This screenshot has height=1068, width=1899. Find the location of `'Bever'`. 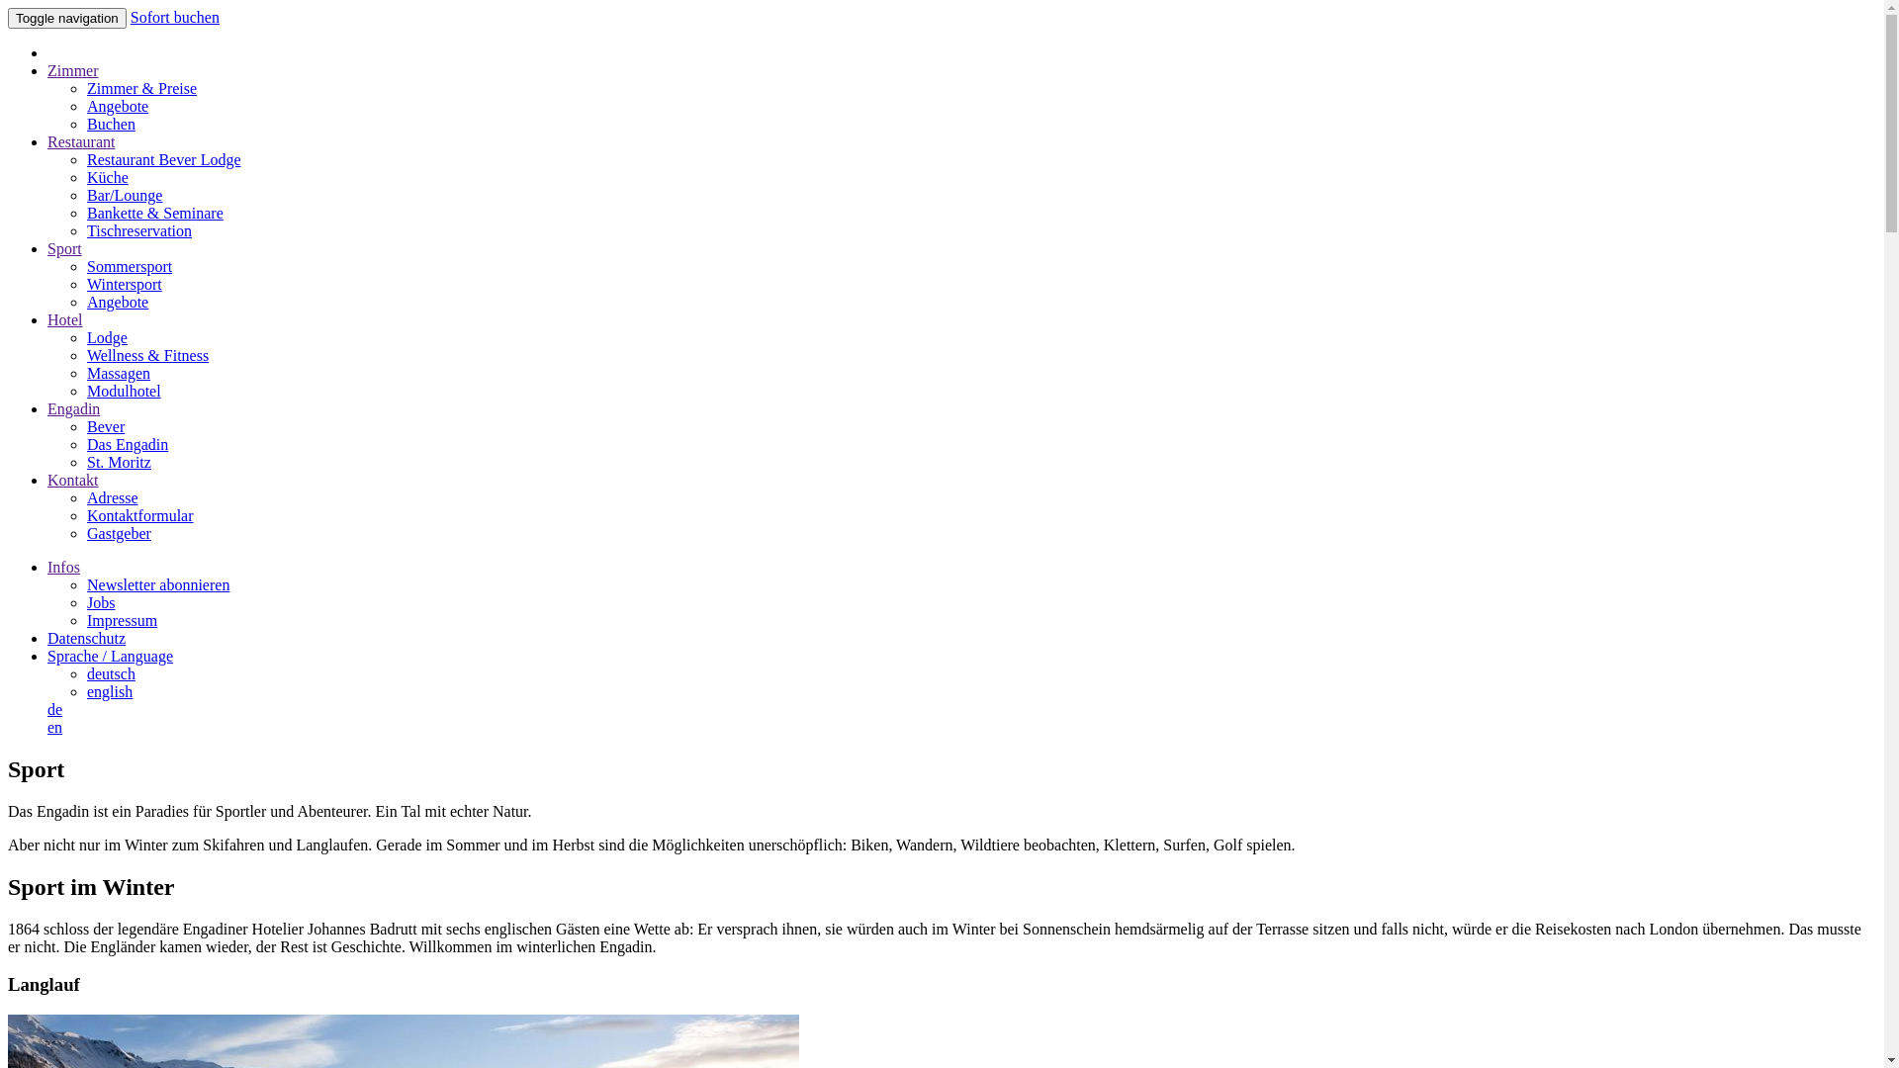

'Bever' is located at coordinates (85, 425).